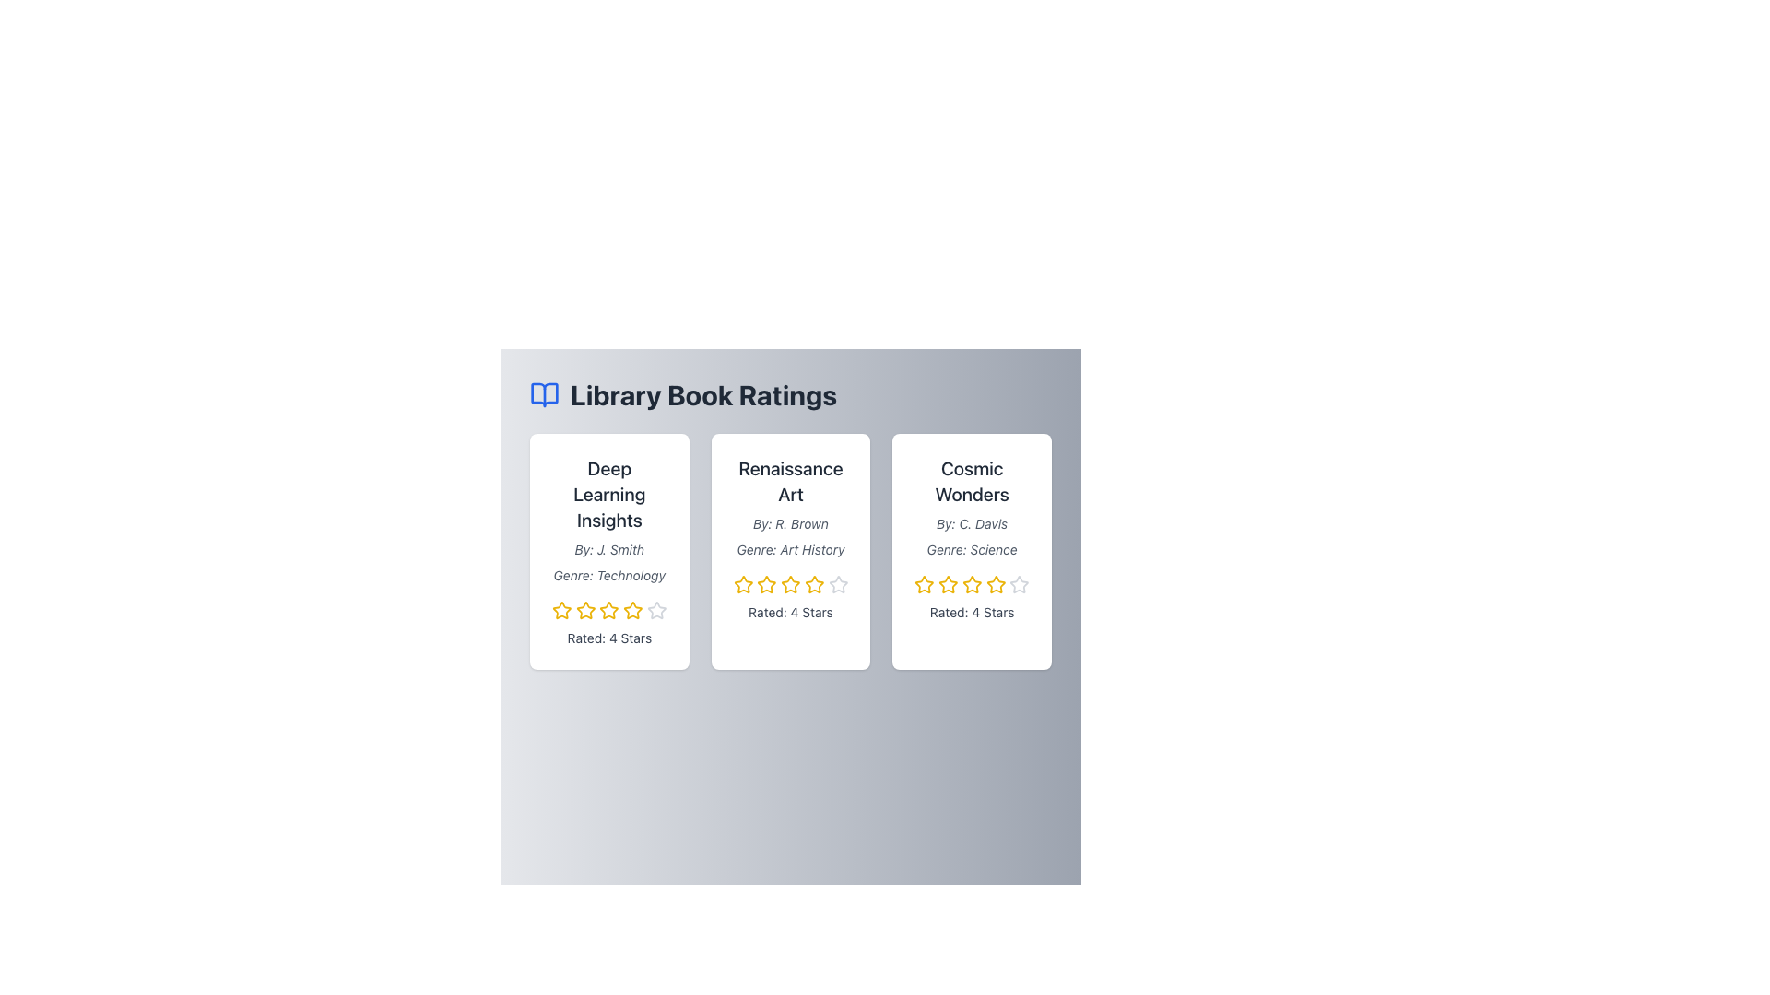 The width and height of the screenshot is (1770, 995). I want to click on the third star icon in the five-star rating system under the 'Deep Learning Insights' section to rate 3 stars, so click(609, 610).